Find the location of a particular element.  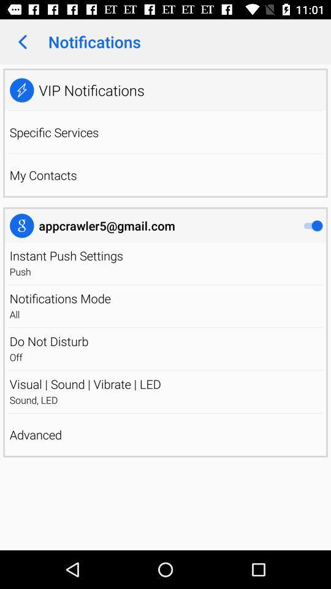

icon below sound, led app is located at coordinates (165, 413).